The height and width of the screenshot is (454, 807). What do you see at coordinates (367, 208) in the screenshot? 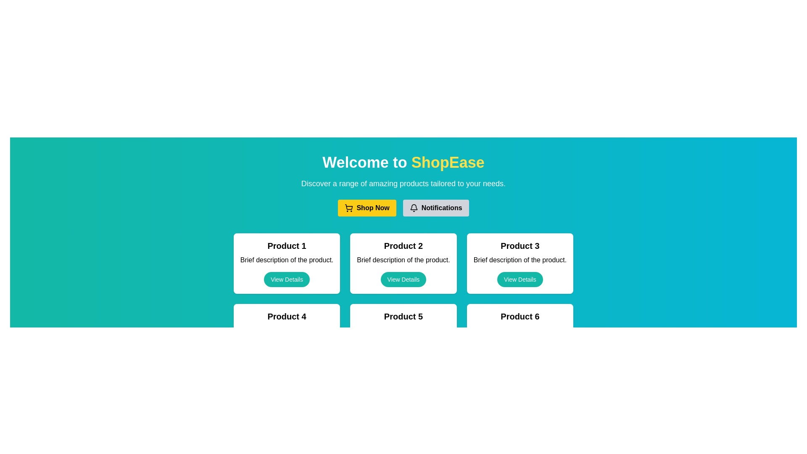
I see `the yellow 'Shop Now' button with bold black text and a shopping cart icon` at bounding box center [367, 208].